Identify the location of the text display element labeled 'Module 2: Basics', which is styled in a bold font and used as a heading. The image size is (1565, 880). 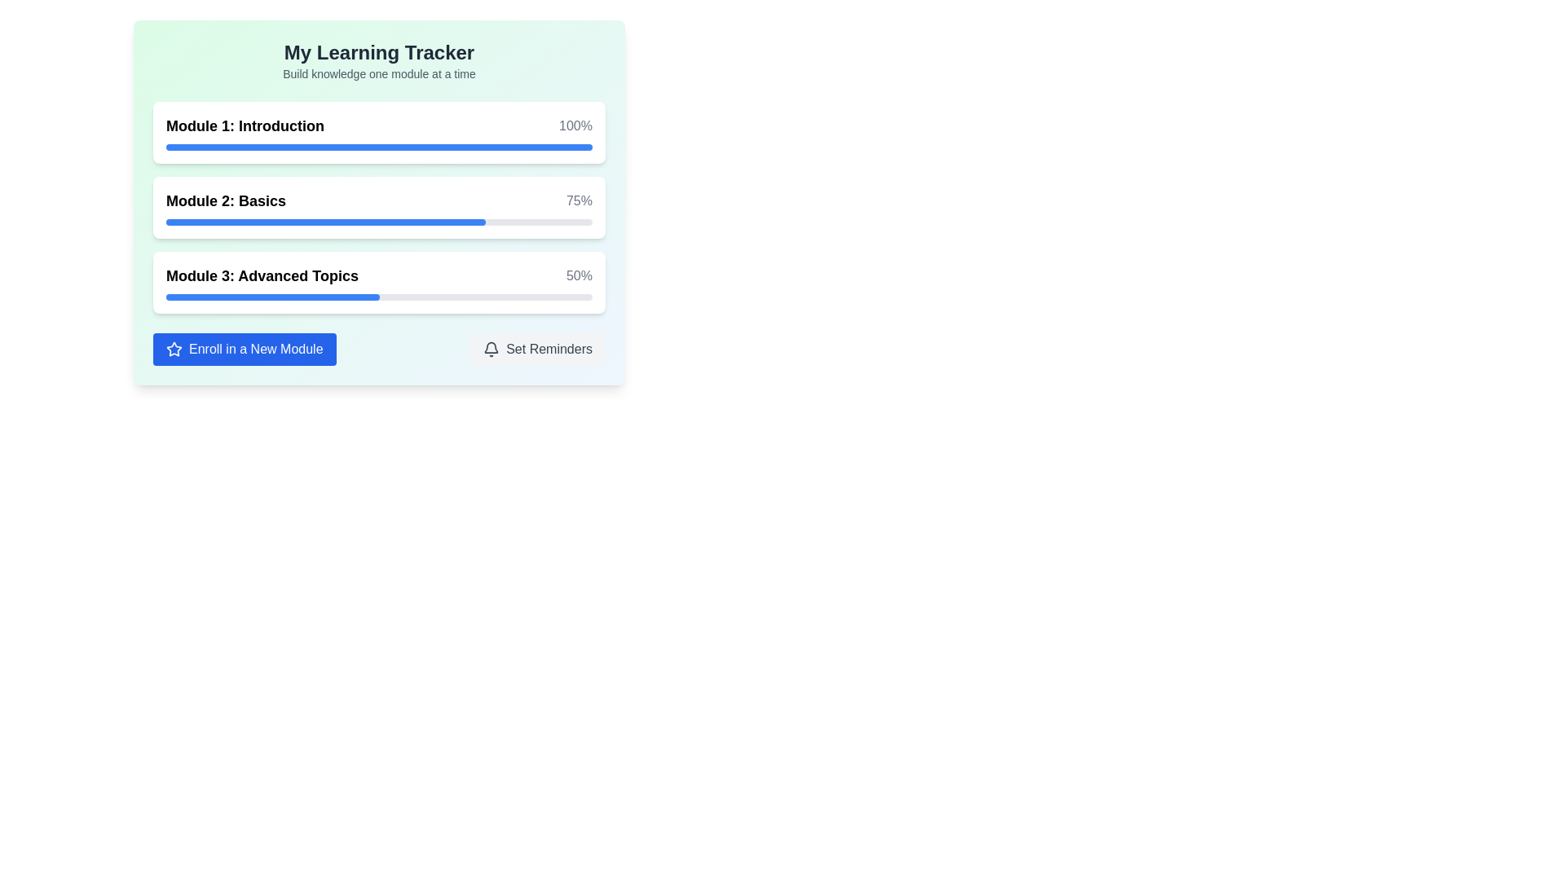
(225, 200).